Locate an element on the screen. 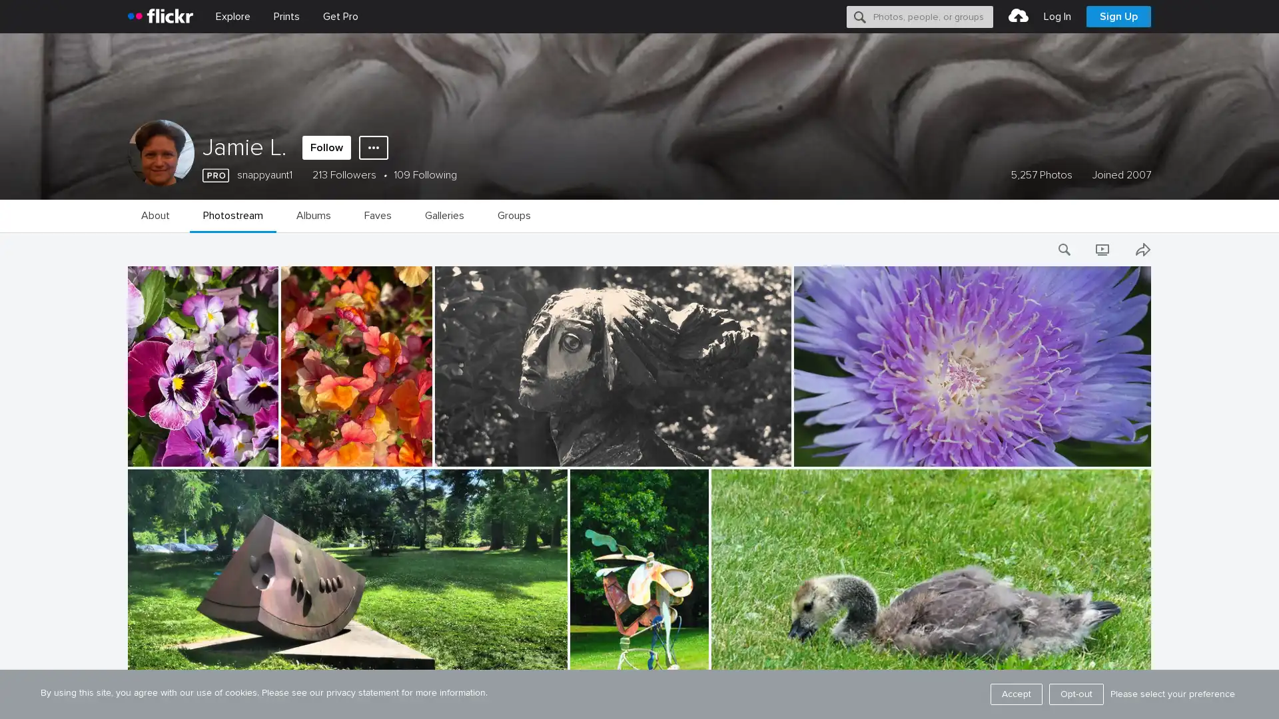 The height and width of the screenshot is (719, 1279). Add to Favorites is located at coordinates (246, 454).